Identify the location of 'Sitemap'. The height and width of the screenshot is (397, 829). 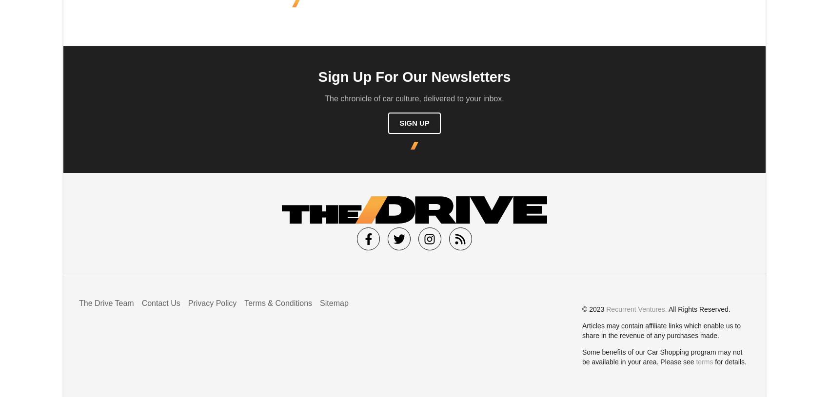
(334, 302).